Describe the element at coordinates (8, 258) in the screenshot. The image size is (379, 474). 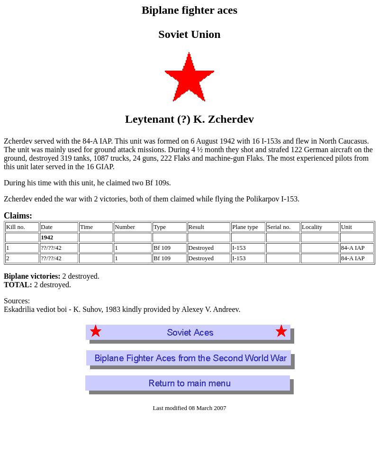
I see `'2'` at that location.